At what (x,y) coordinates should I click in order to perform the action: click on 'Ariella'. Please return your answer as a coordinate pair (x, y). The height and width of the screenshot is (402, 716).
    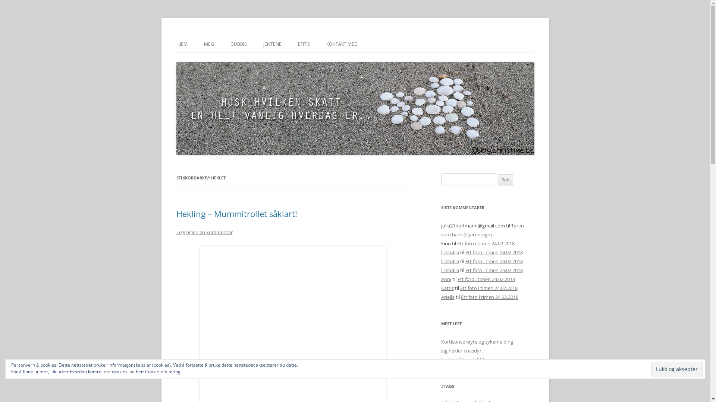
    Looking at the image, I should click on (447, 297).